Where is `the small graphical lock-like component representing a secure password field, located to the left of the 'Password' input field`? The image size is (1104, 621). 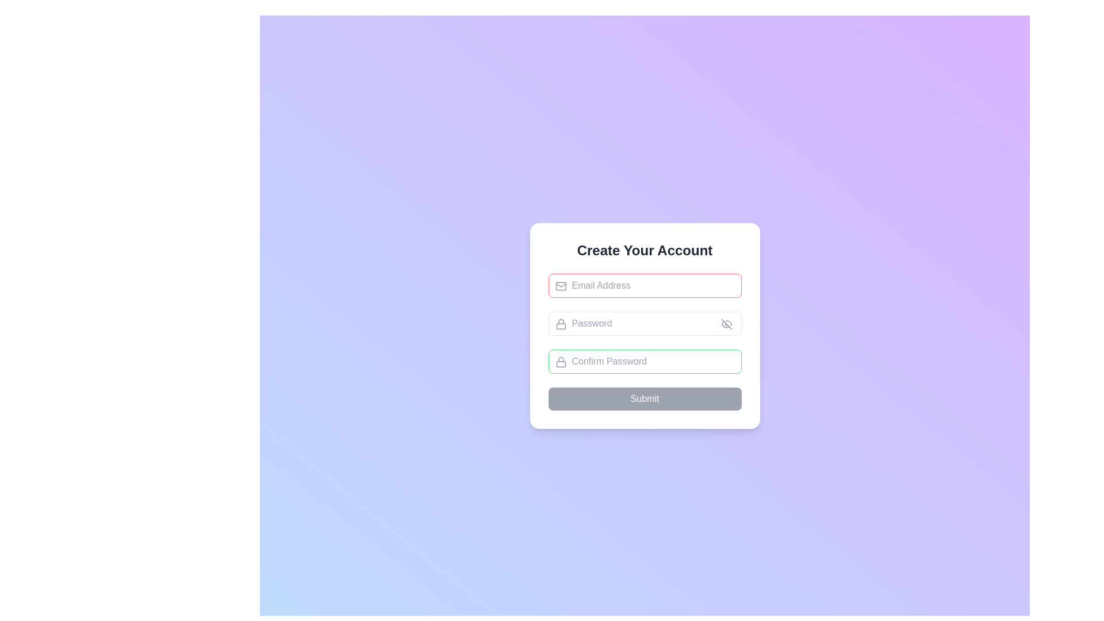
the small graphical lock-like component representing a secure password field, located to the left of the 'Password' input field is located at coordinates (561, 326).